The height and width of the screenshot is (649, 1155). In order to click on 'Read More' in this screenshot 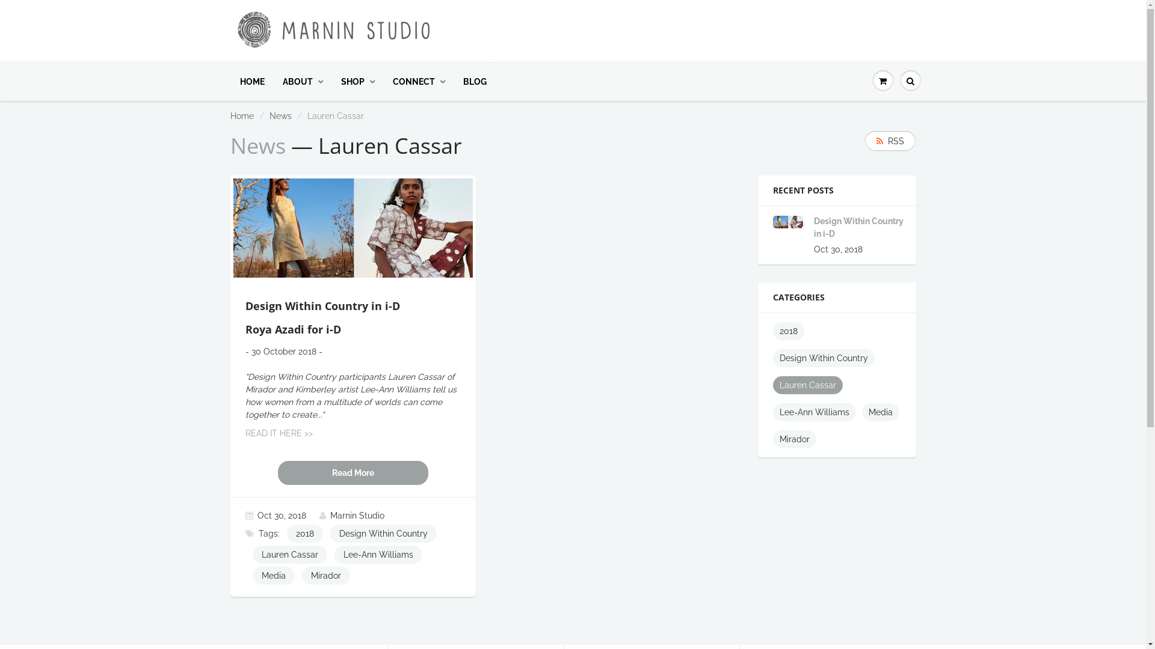, I will do `click(352, 472)`.